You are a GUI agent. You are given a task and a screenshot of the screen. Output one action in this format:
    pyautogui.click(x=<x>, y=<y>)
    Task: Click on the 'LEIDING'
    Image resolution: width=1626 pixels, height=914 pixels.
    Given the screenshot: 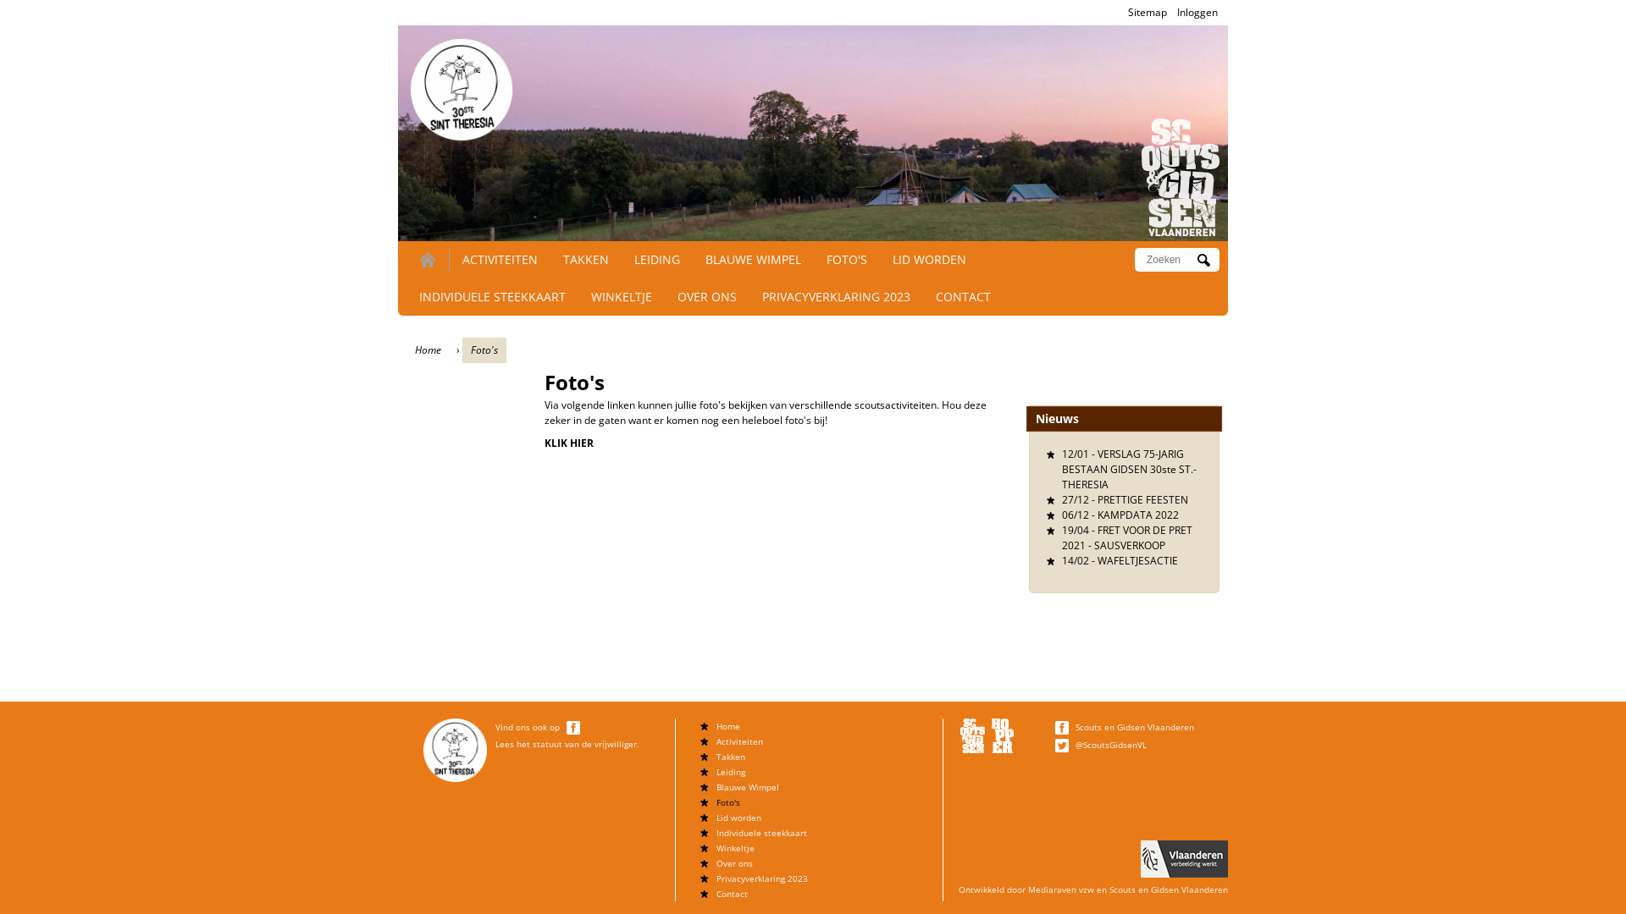 What is the action you would take?
    pyautogui.click(x=656, y=259)
    